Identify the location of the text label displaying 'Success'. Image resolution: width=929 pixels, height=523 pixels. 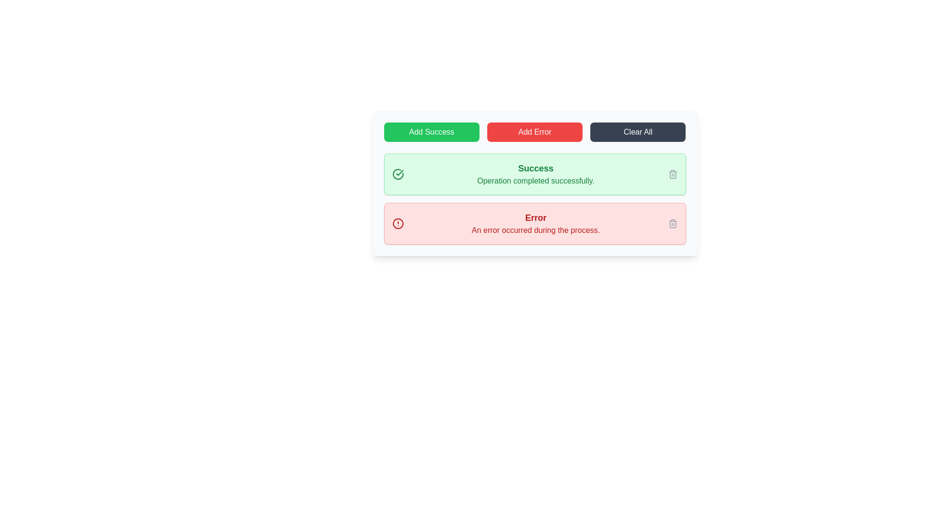
(535, 168).